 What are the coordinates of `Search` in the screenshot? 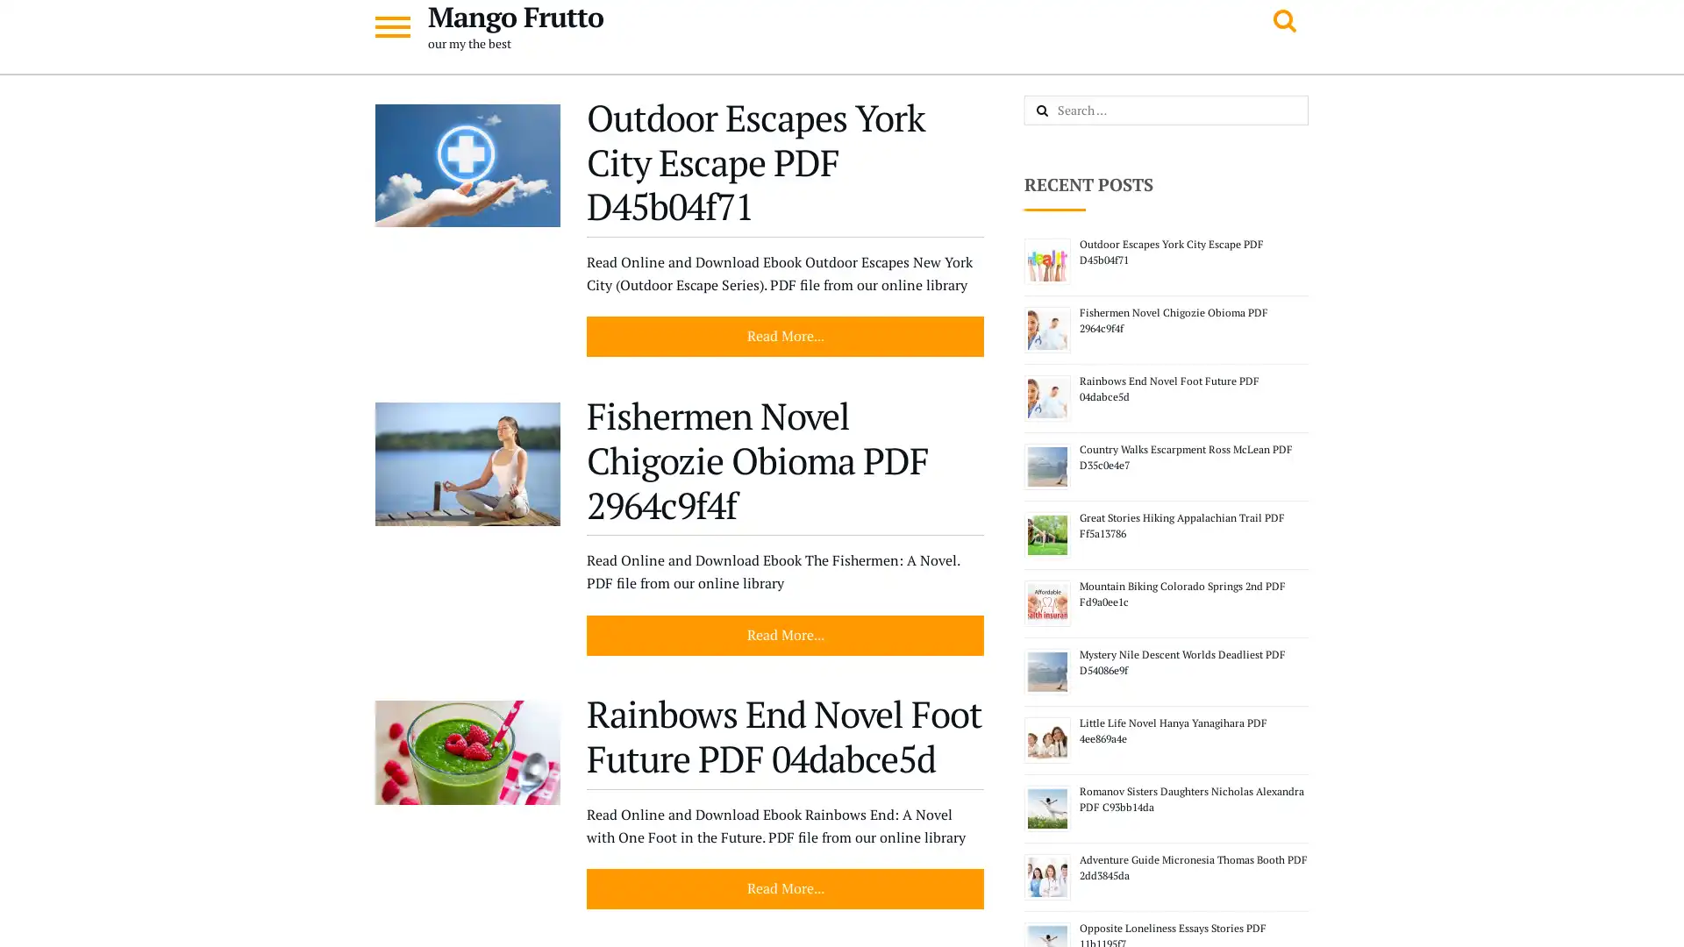 It's located at (1060, 111).